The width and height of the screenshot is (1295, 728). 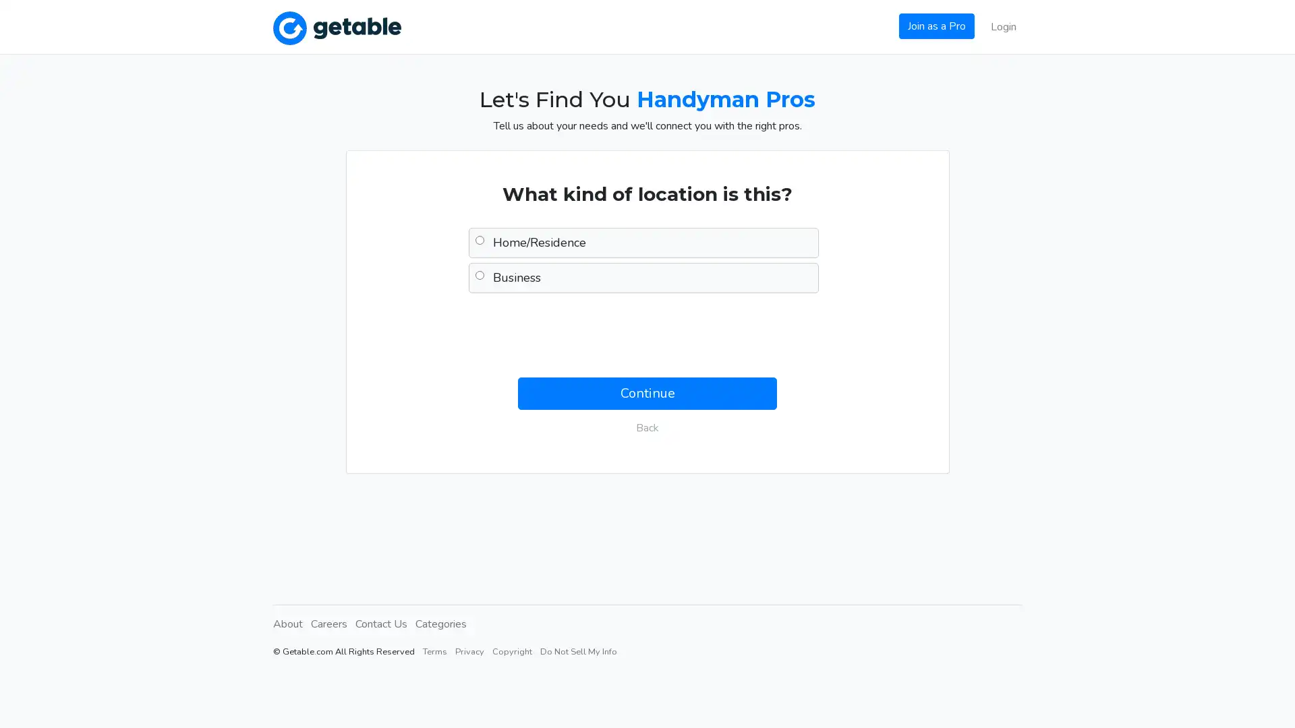 I want to click on Continue, so click(x=646, y=393).